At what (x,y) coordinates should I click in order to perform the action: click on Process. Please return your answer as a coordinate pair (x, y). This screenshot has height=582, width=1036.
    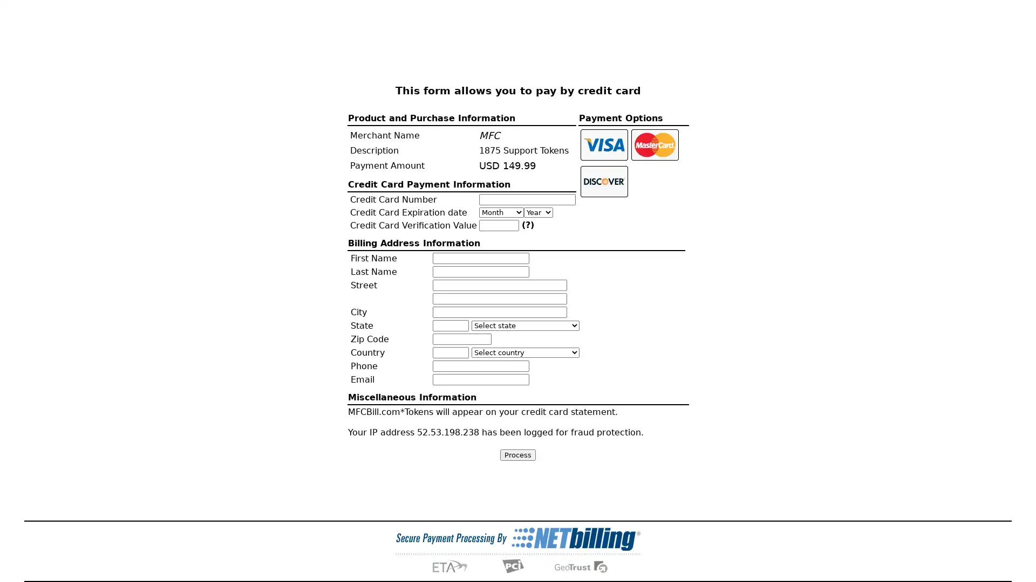
    Looking at the image, I should click on (518, 455).